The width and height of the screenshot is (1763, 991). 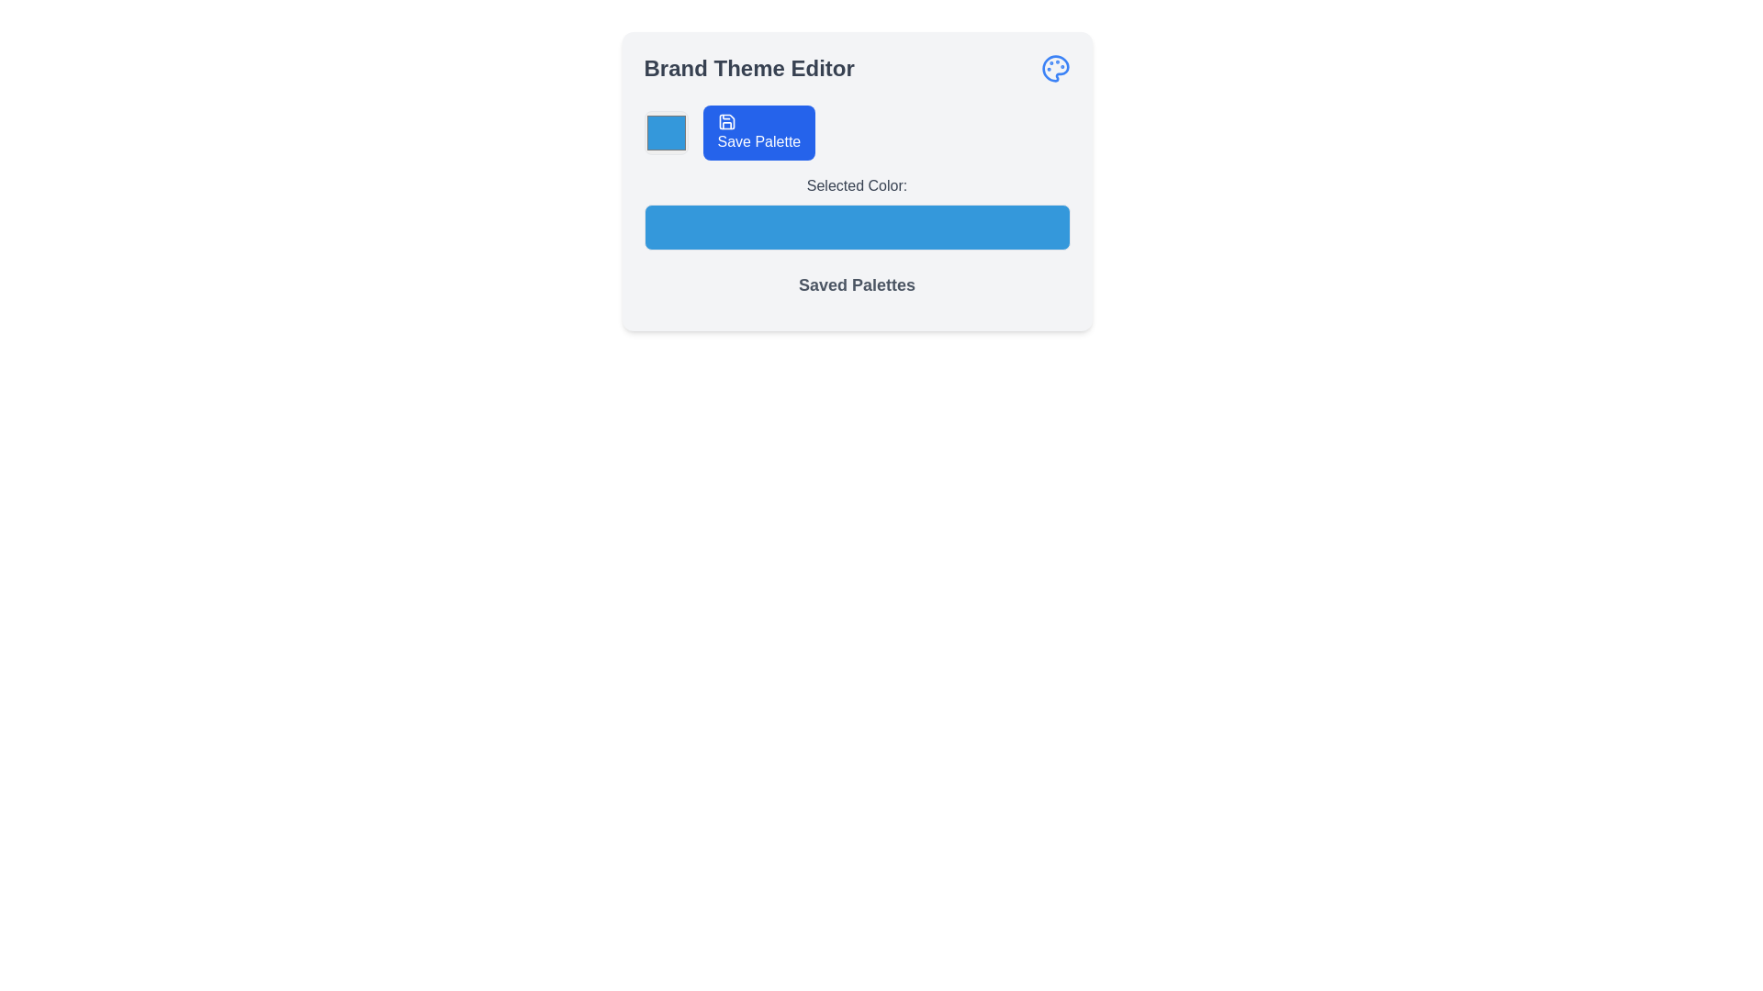 I want to click on the static display element indicating the currently selected color in the color palette editor, labeled 'Selected Color:', which is located in the center-right part of the interface, so click(x=856, y=211).